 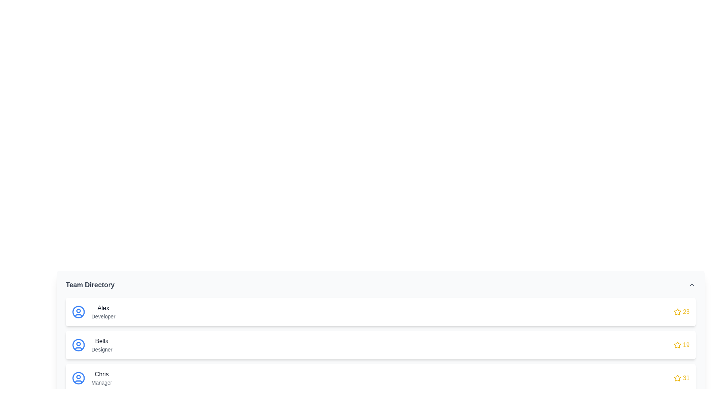 I want to click on the blue user profile icon located in the Team Directory section next to 'Chris', the Manager, to initiate profile-related actions, so click(x=79, y=378).